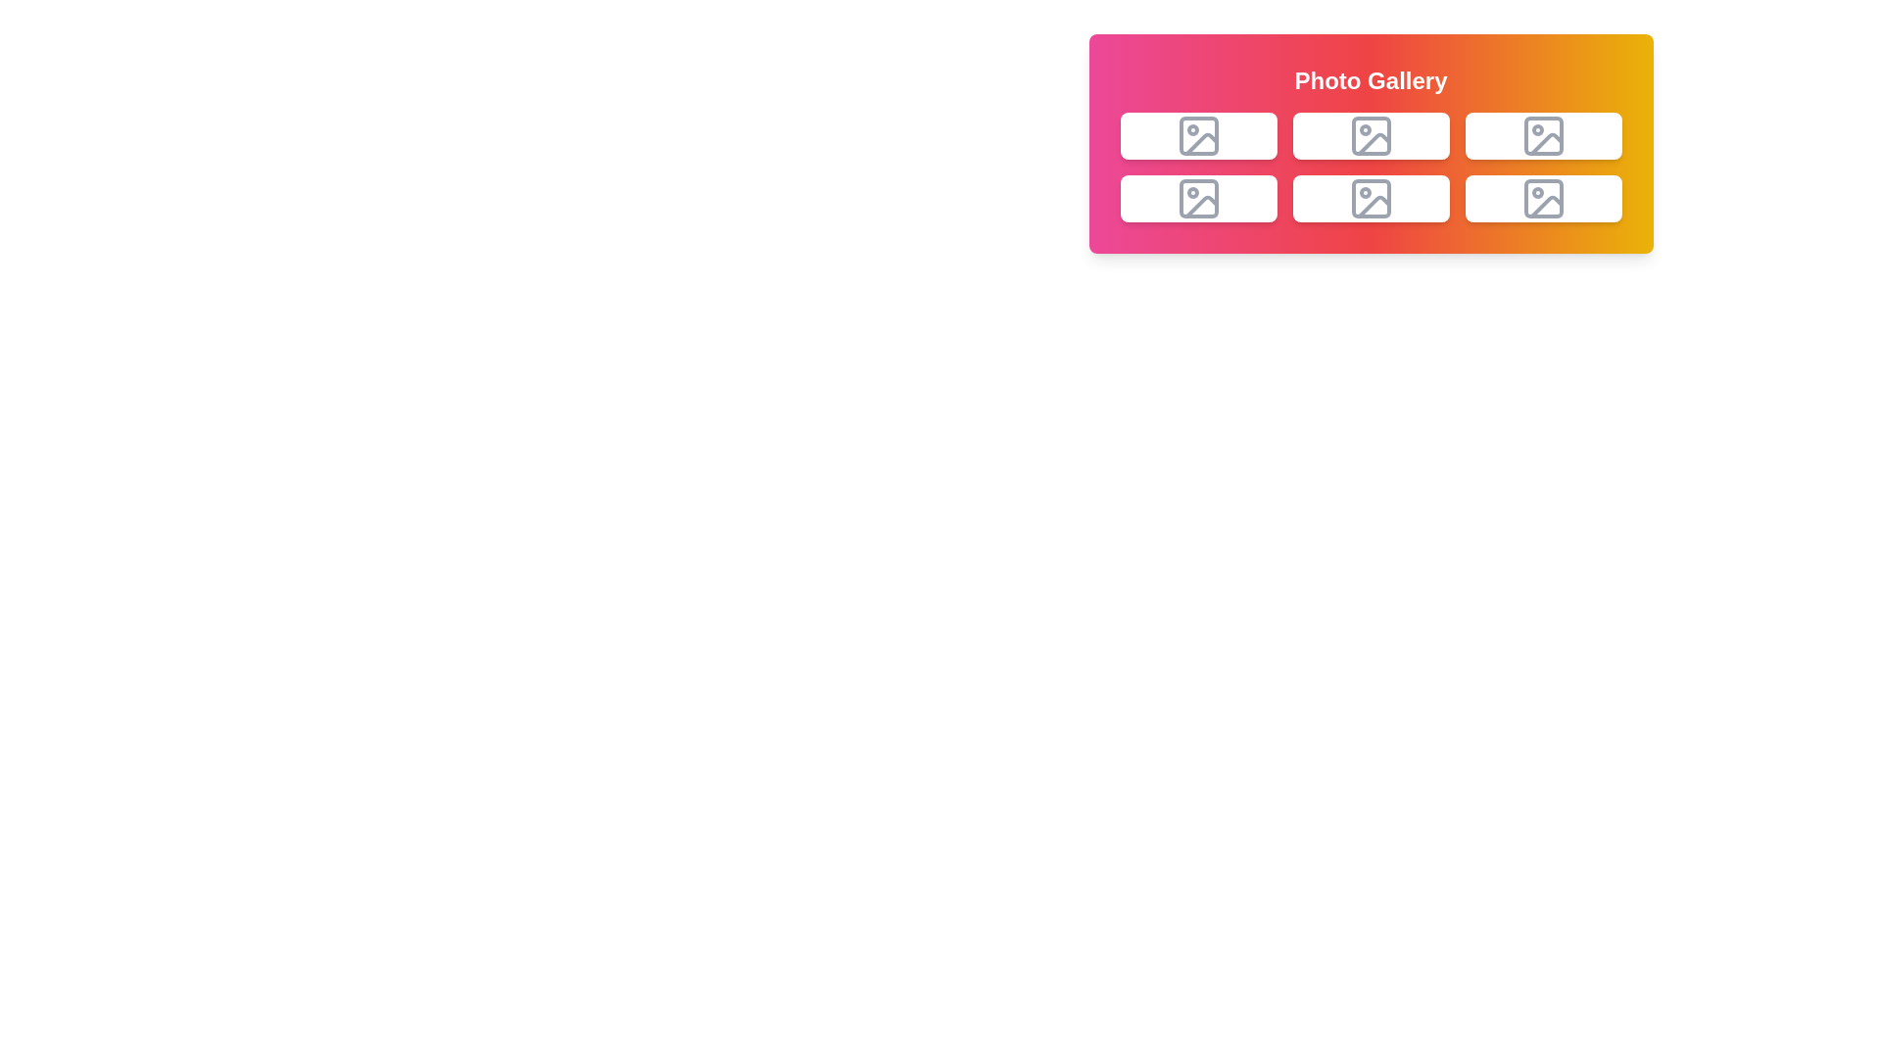 The width and height of the screenshot is (1881, 1058). What do you see at coordinates (1197, 199) in the screenshot?
I see `the image placeholder icon, which is the second element in the second row of a grid layout` at bounding box center [1197, 199].